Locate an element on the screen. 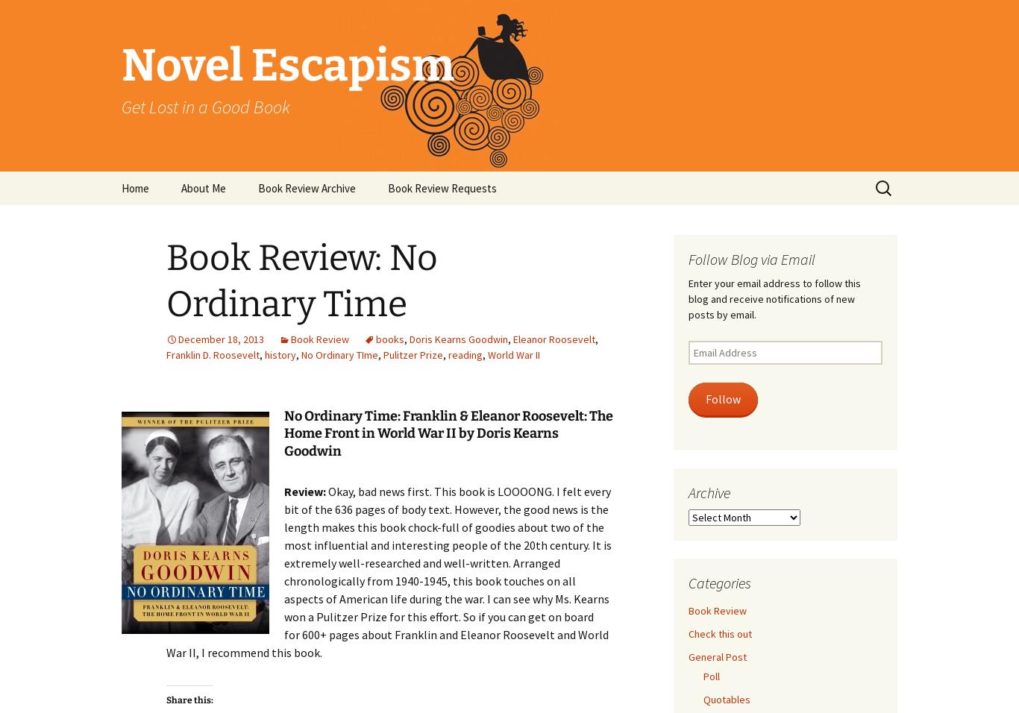 The height and width of the screenshot is (713, 1019). 'Book Review' is located at coordinates (319, 339).